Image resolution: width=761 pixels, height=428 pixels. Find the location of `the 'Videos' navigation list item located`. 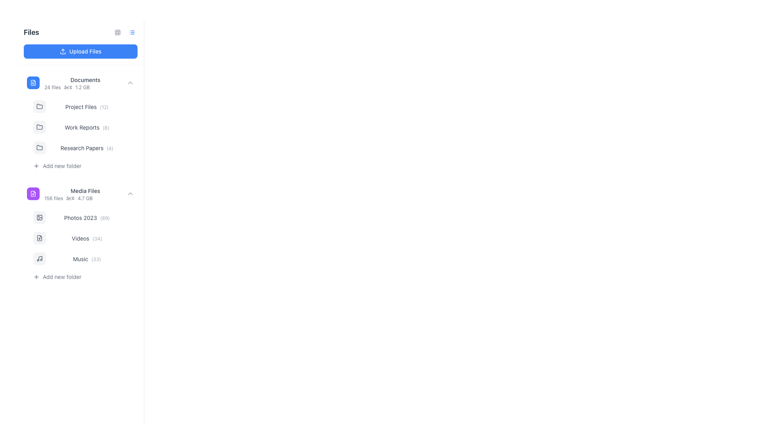

the 'Videos' navigation list item located is located at coordinates (84, 238).